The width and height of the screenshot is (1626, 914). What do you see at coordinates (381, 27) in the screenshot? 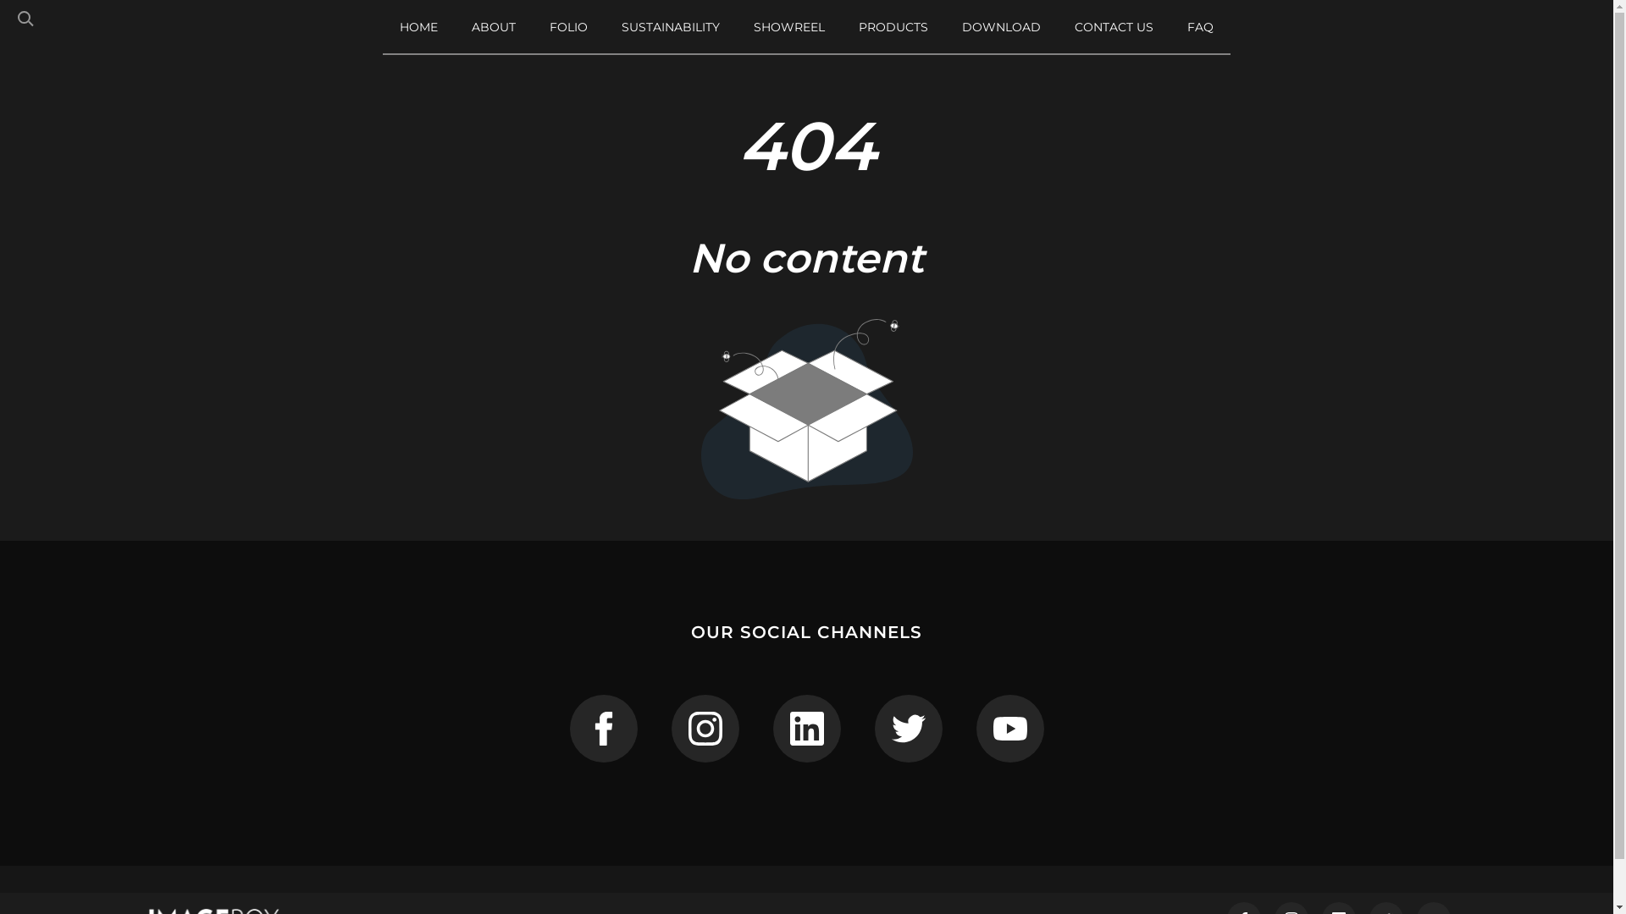
I see `'HOME'` at bounding box center [381, 27].